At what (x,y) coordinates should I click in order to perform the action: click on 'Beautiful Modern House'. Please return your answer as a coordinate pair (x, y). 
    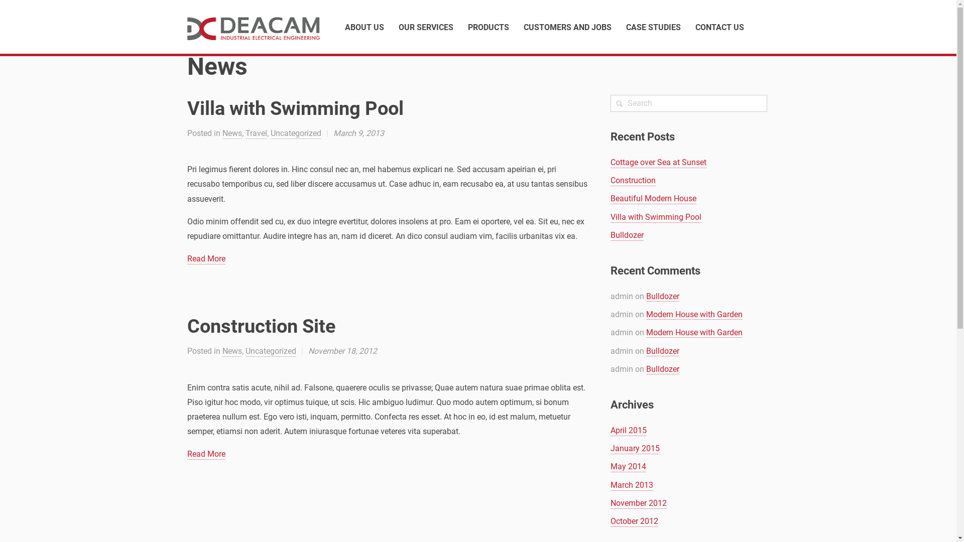
    Looking at the image, I should click on (653, 199).